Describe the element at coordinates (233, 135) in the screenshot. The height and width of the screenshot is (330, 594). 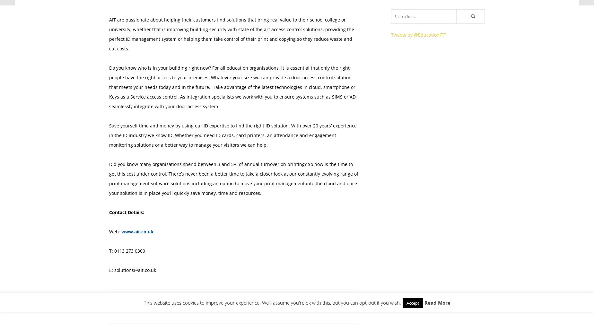
I see `'Save yourself time and money by using our ID expertise to find the right ID solution. With over 20 years’ experience in the ID industry we know ID. Whether you need ID cards, card printers, an attendance and engagement monitoring solutions or a better way to manage your visitors we can help.'` at that location.